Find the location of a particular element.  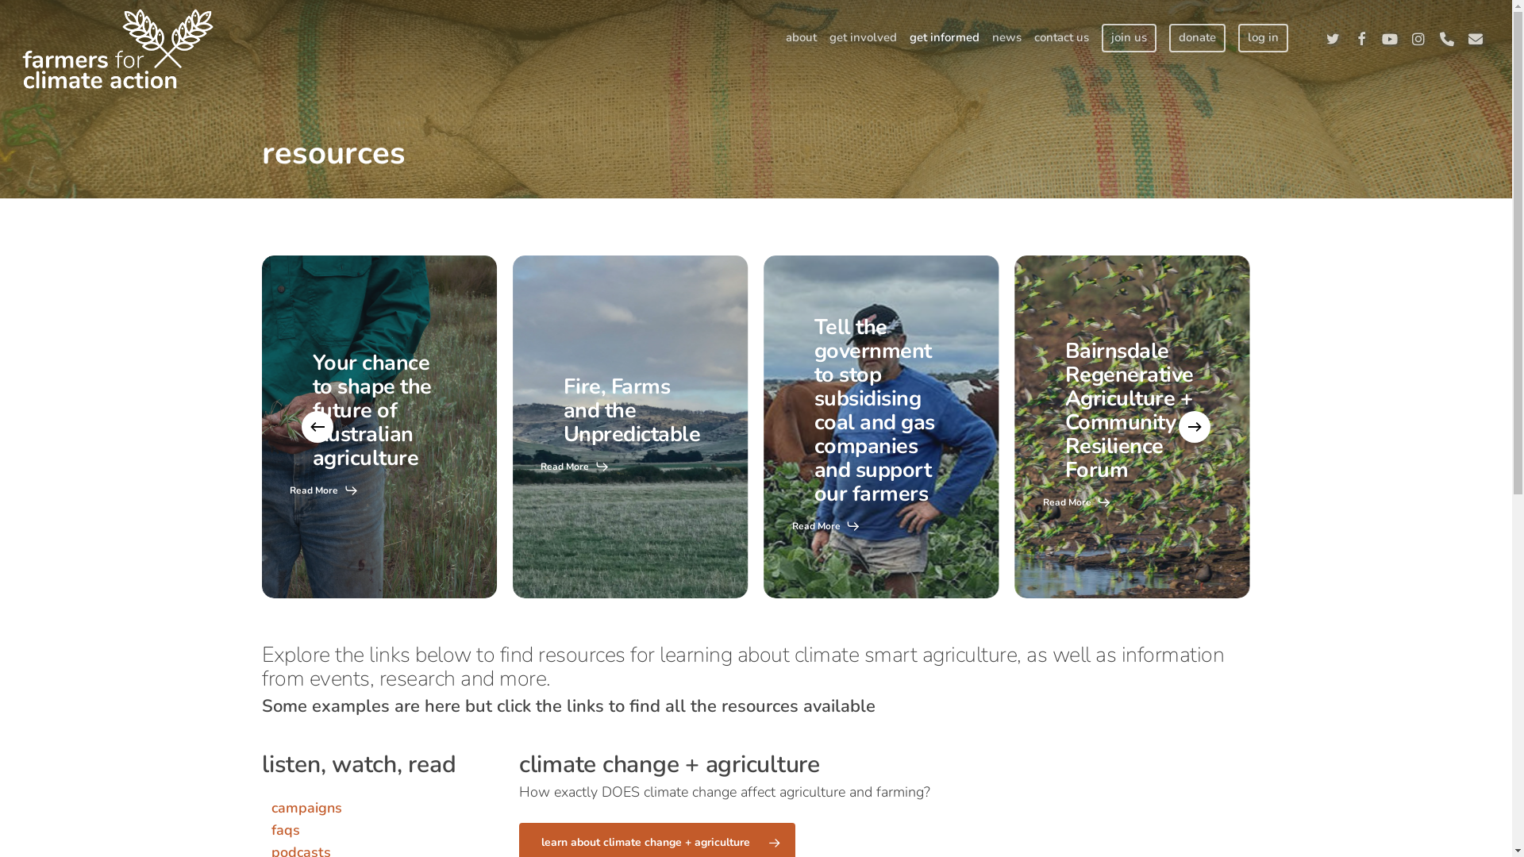

'instagram' is located at coordinates (1418, 37).